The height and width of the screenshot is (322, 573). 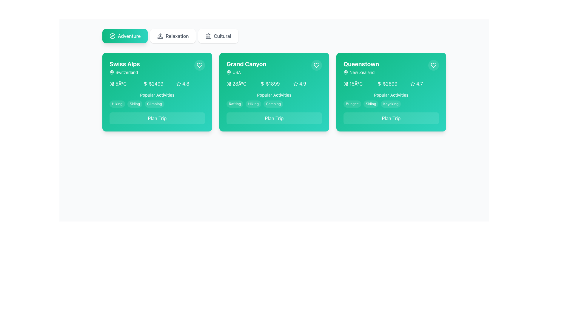 What do you see at coordinates (222, 36) in the screenshot?
I see `the 'Cultural' button, which is a text label in a standard sans-serif font within a rectangular button with a white background and rounded corners, to apply or view activities related to 'Cultural'` at bounding box center [222, 36].